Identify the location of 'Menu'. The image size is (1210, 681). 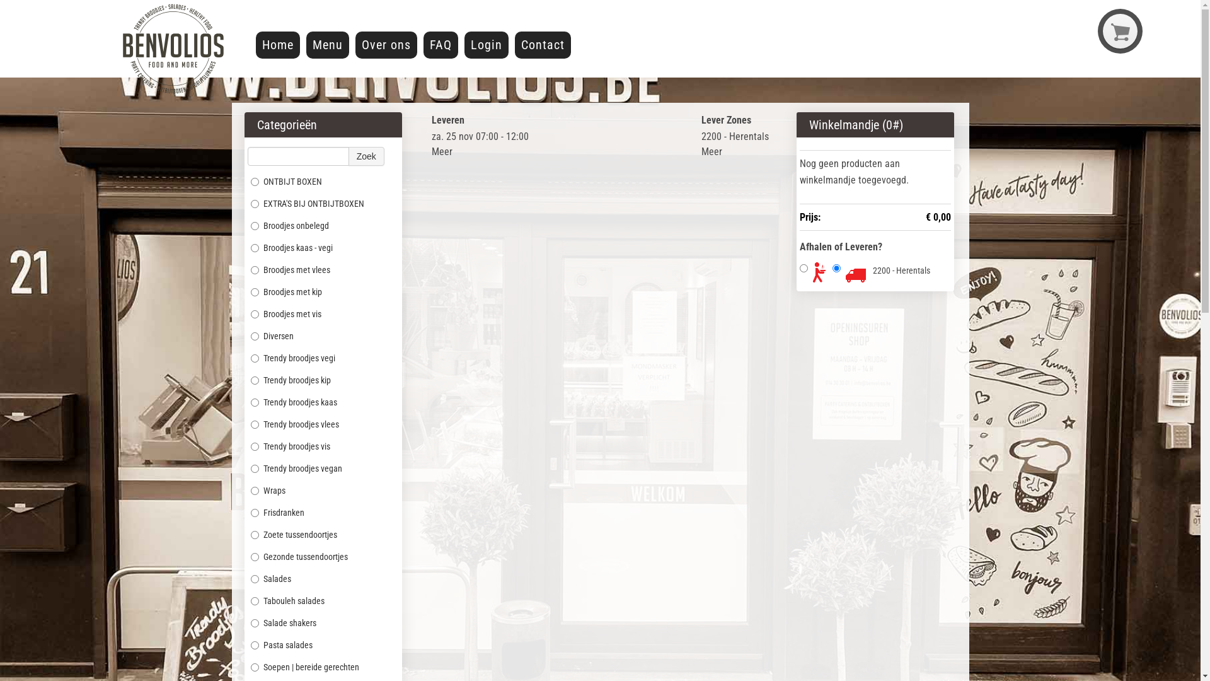
(327, 44).